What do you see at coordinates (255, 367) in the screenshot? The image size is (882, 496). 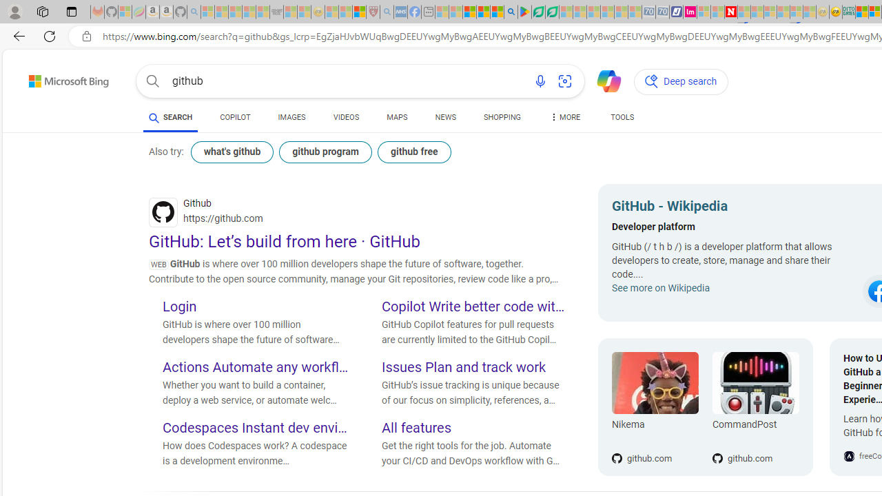 I see `'Actions Automate any workflow'` at bounding box center [255, 367].